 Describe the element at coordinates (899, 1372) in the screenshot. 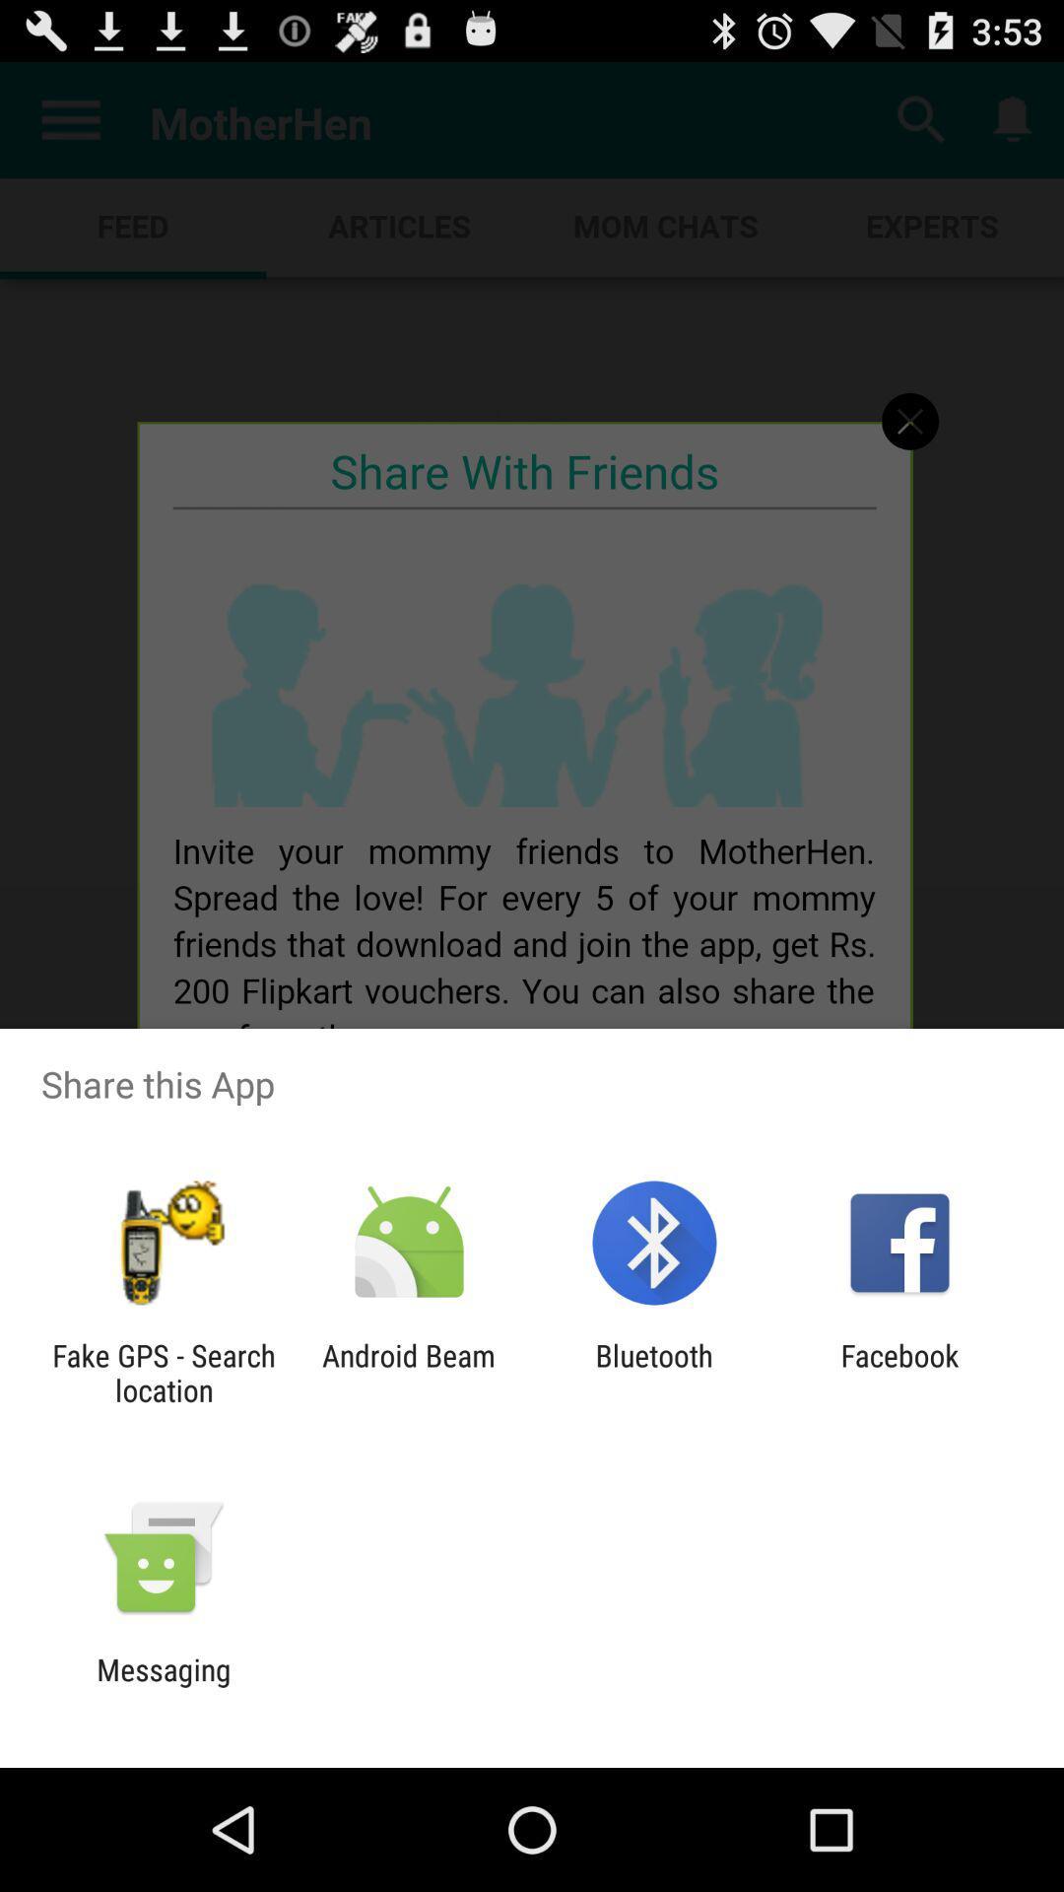

I see `facebook item` at that location.